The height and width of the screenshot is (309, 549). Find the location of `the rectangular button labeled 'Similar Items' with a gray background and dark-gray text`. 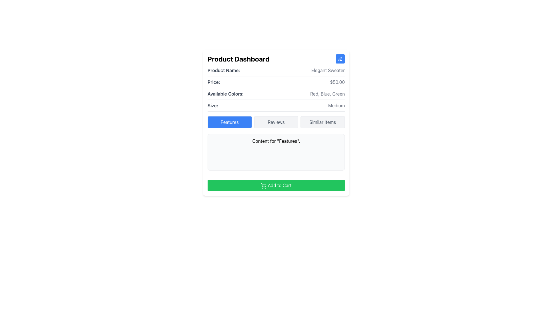

the rectangular button labeled 'Similar Items' with a gray background and dark-gray text is located at coordinates (323, 122).